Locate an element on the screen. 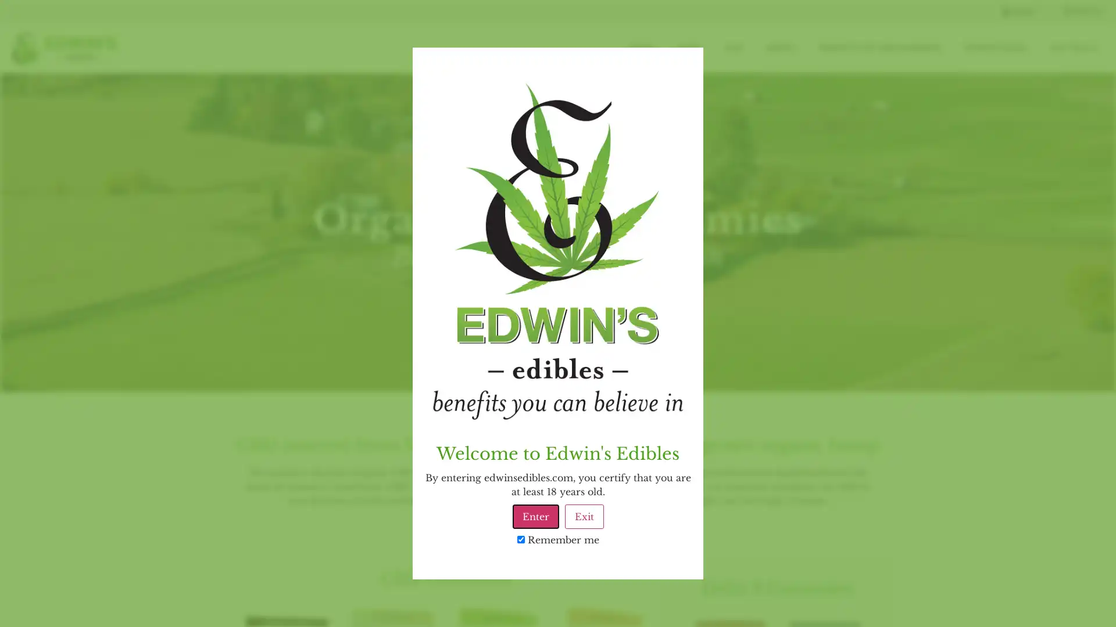 This screenshot has height=627, width=1116. Enter is located at coordinates (535, 516).